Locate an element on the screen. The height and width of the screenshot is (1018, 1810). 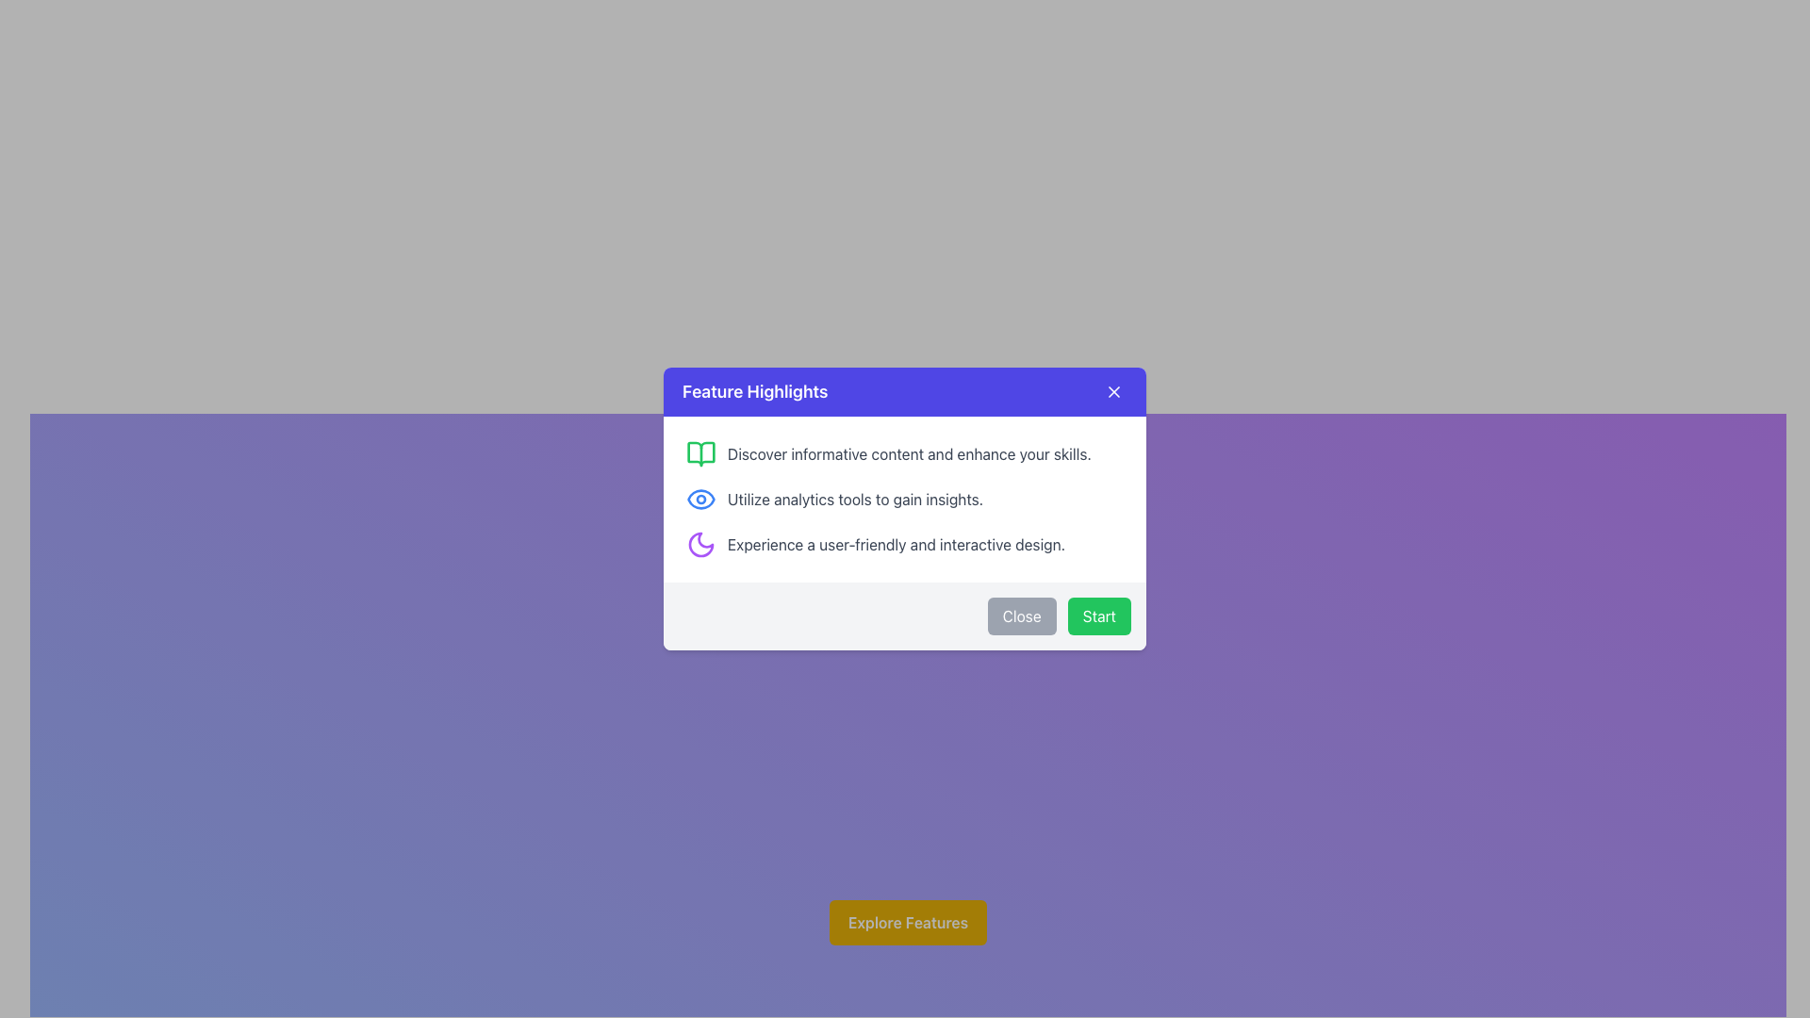
the text label located in the center of the modal window, positioned to the right of a green open book icon, which is the first item in a vertical list of features is located at coordinates (909, 454).